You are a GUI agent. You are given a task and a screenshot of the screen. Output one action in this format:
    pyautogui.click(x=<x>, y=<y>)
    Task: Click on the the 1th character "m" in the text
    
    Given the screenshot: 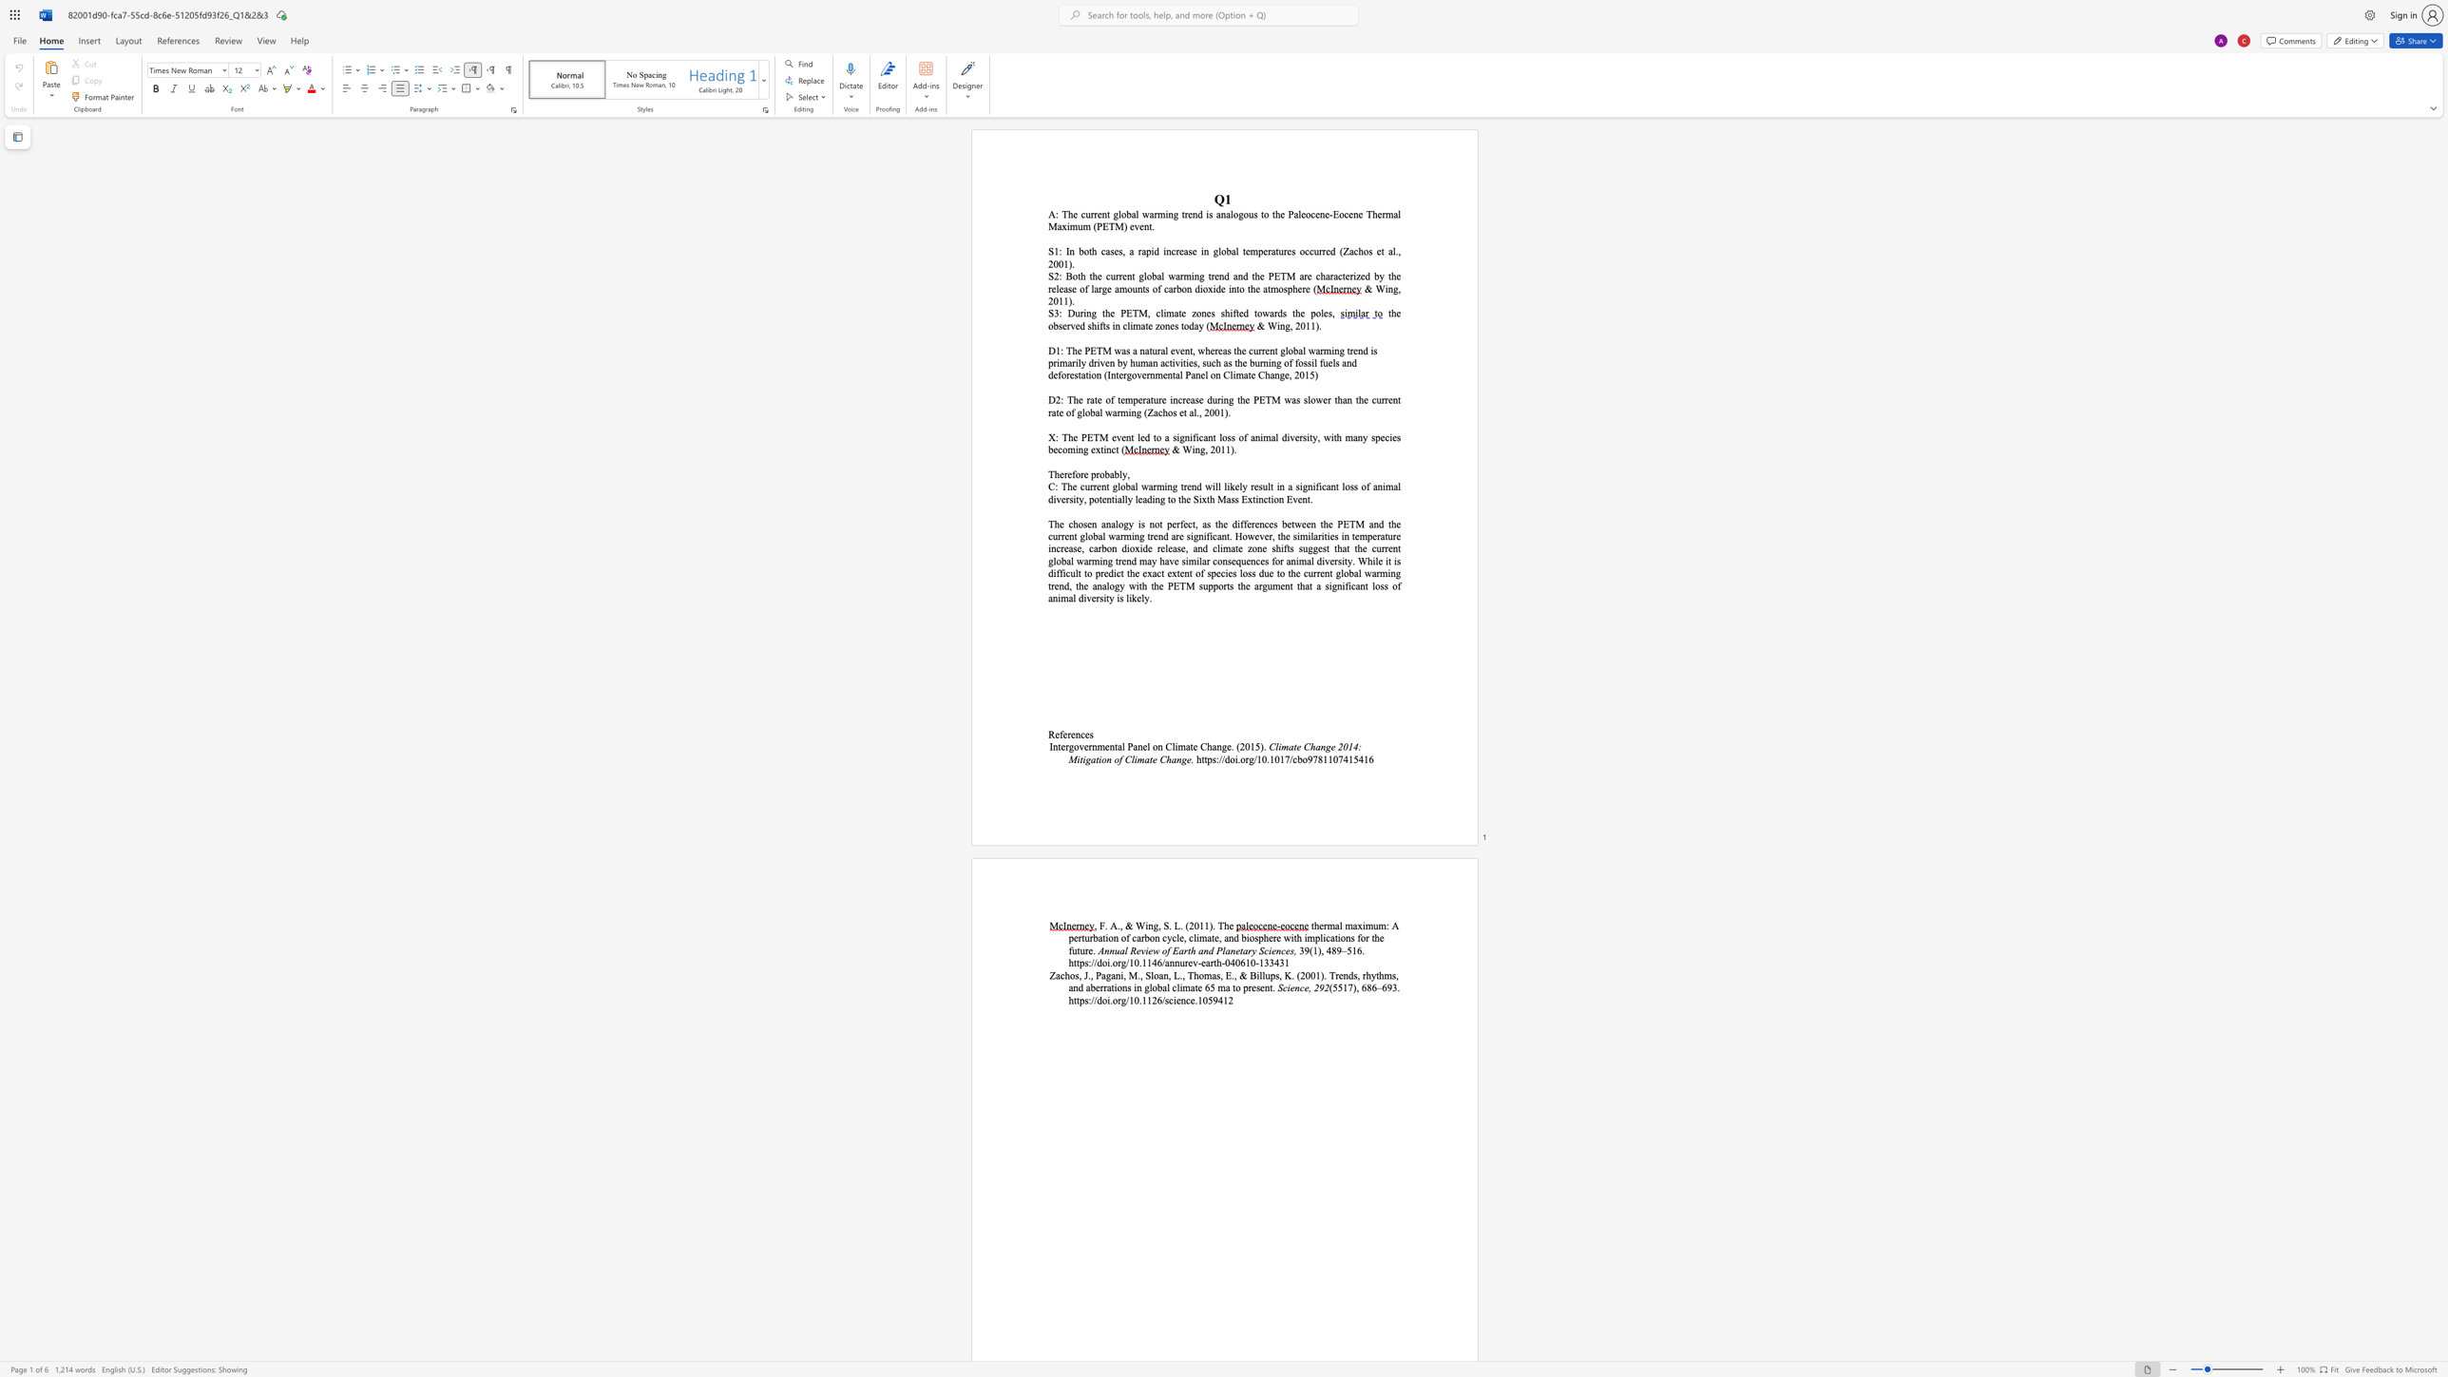 What is the action you would take?
    pyautogui.click(x=1100, y=745)
    